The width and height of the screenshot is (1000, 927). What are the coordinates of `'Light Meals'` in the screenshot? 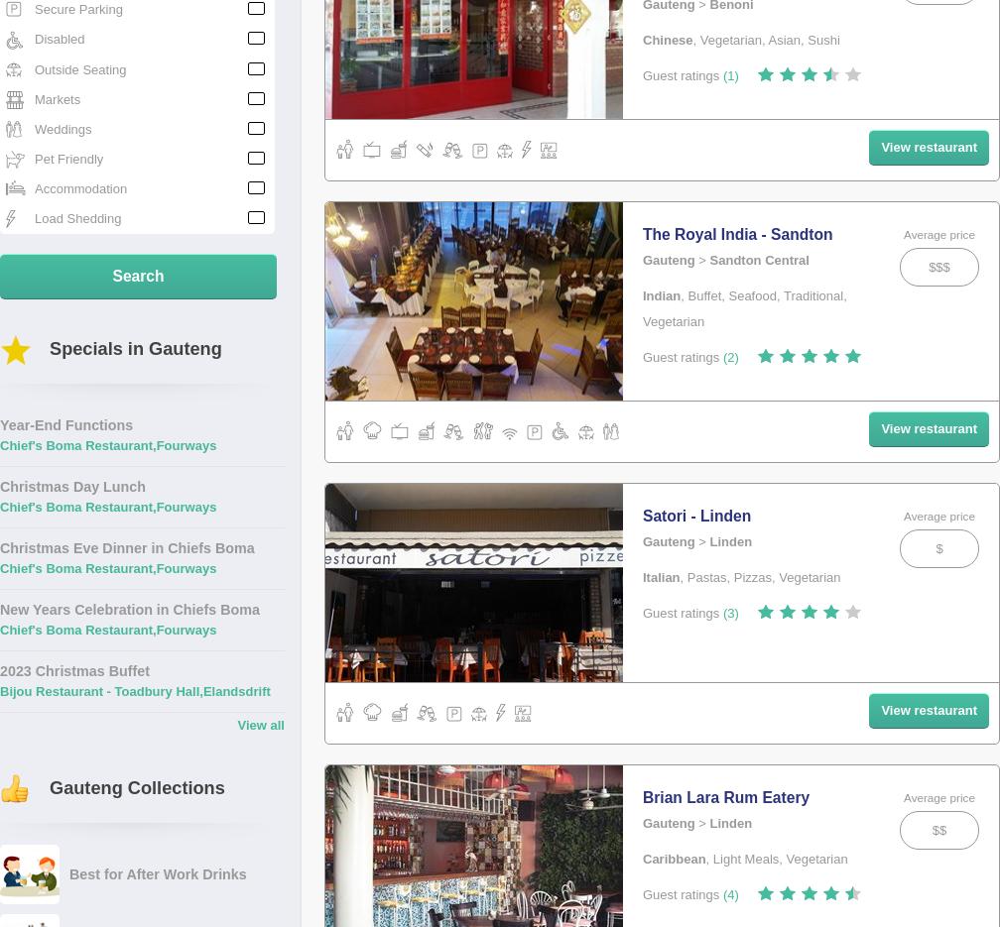 It's located at (745, 858).